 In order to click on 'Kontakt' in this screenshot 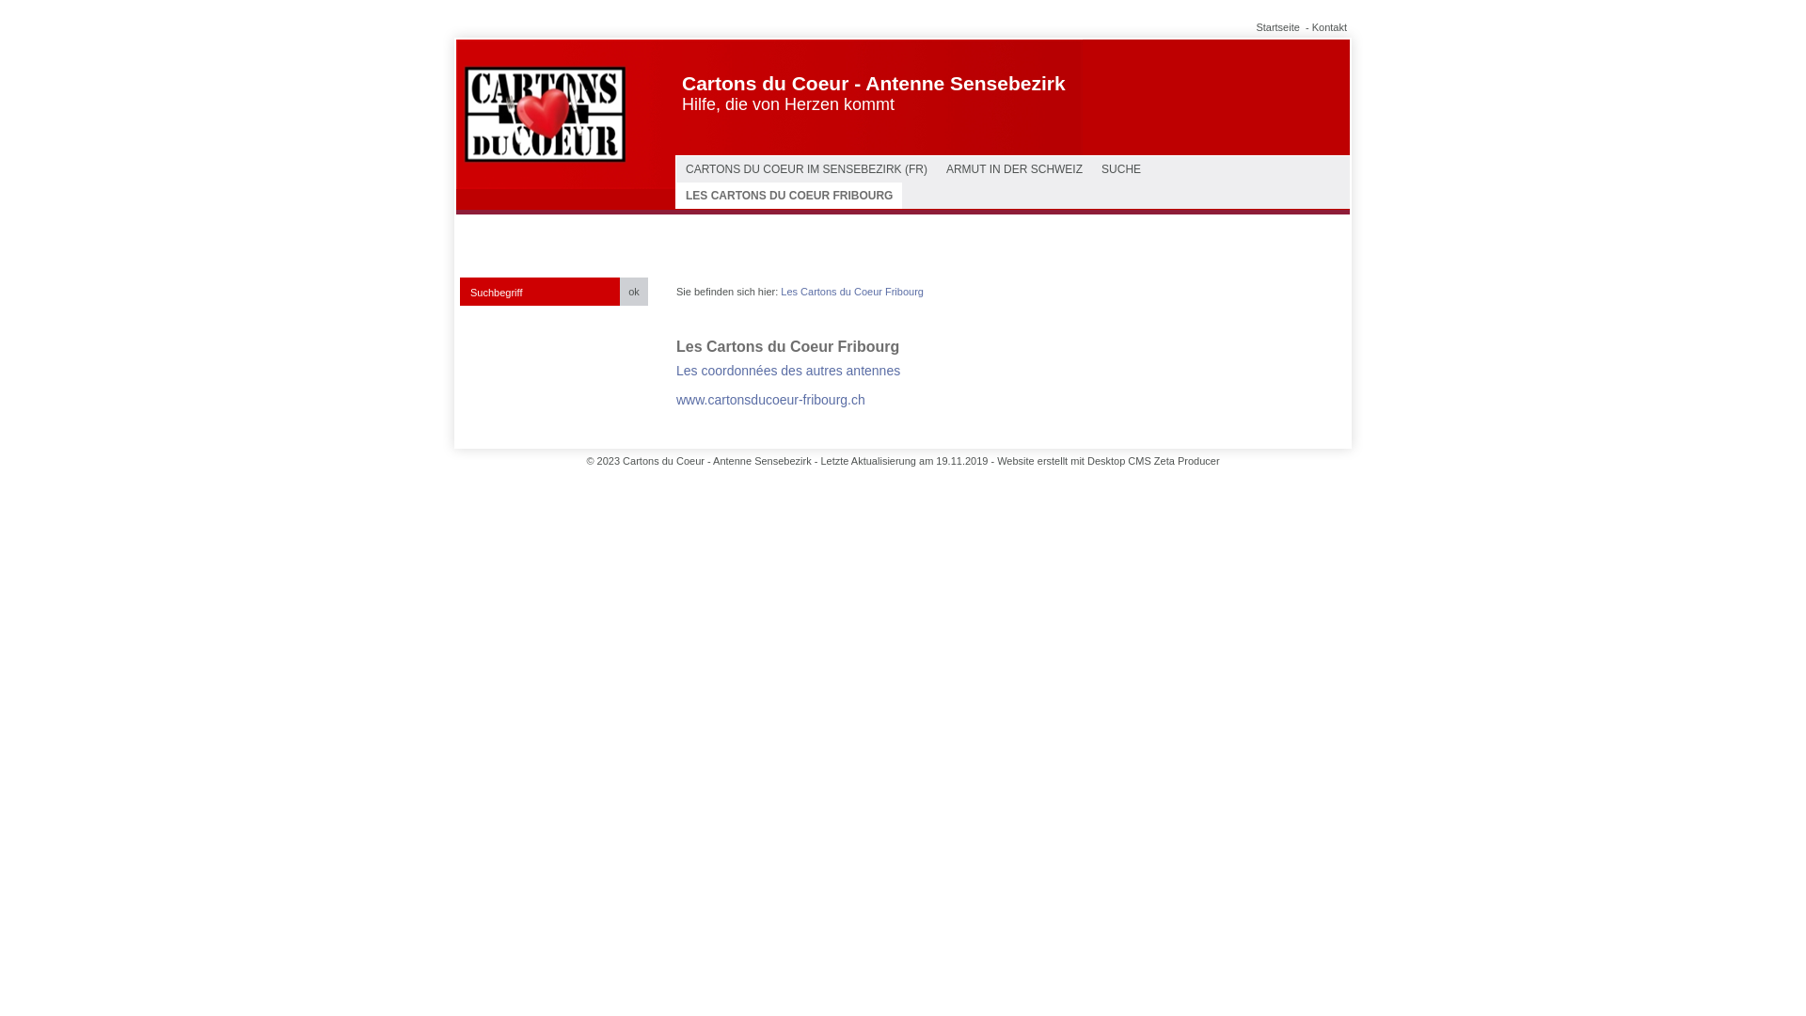, I will do `click(1328, 27)`.